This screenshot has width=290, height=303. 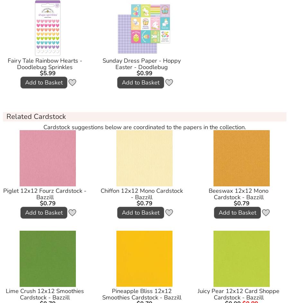 What do you see at coordinates (137, 73) in the screenshot?
I see `'$0.99'` at bounding box center [137, 73].